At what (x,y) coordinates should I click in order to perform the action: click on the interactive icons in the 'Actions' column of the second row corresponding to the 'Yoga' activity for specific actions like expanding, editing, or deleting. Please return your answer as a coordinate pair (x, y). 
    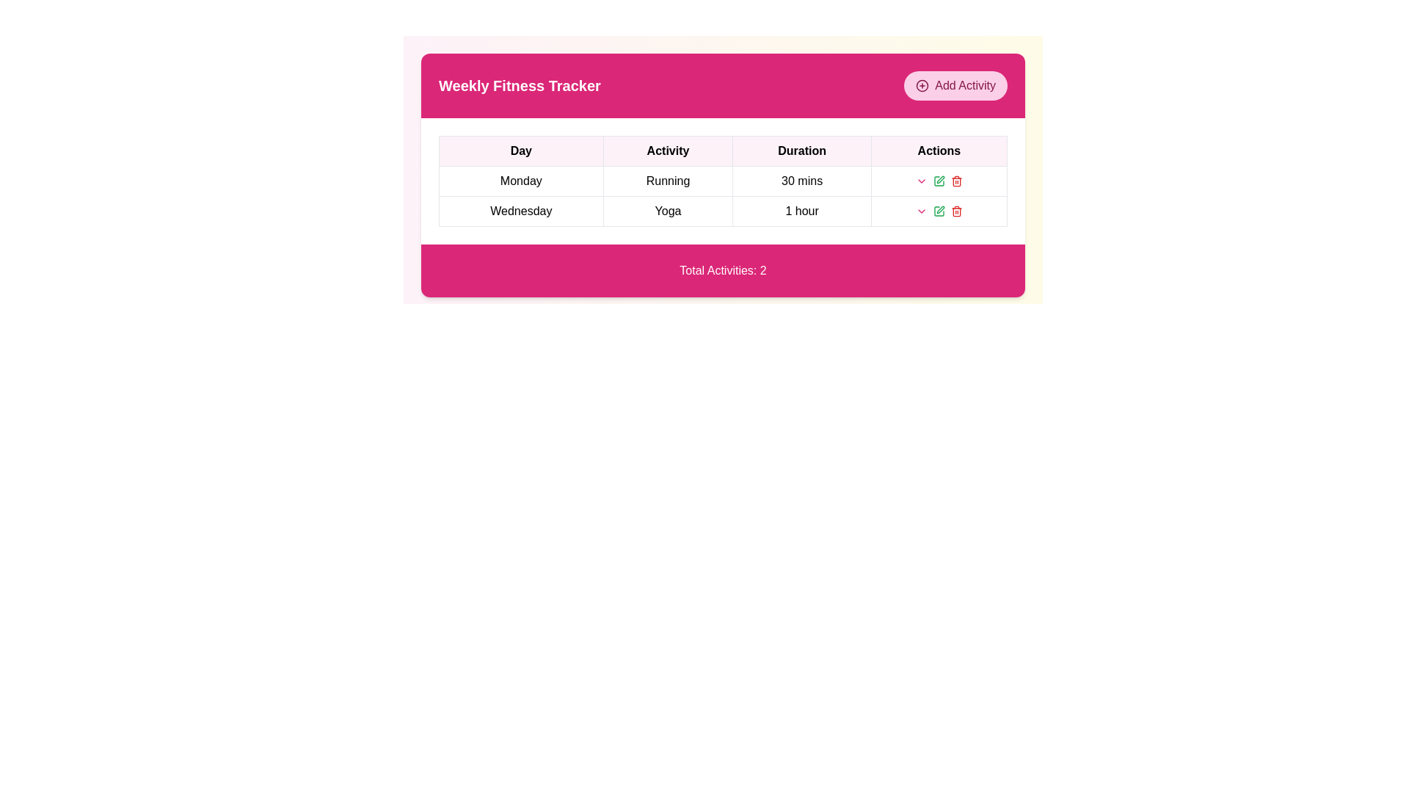
    Looking at the image, I should click on (938, 211).